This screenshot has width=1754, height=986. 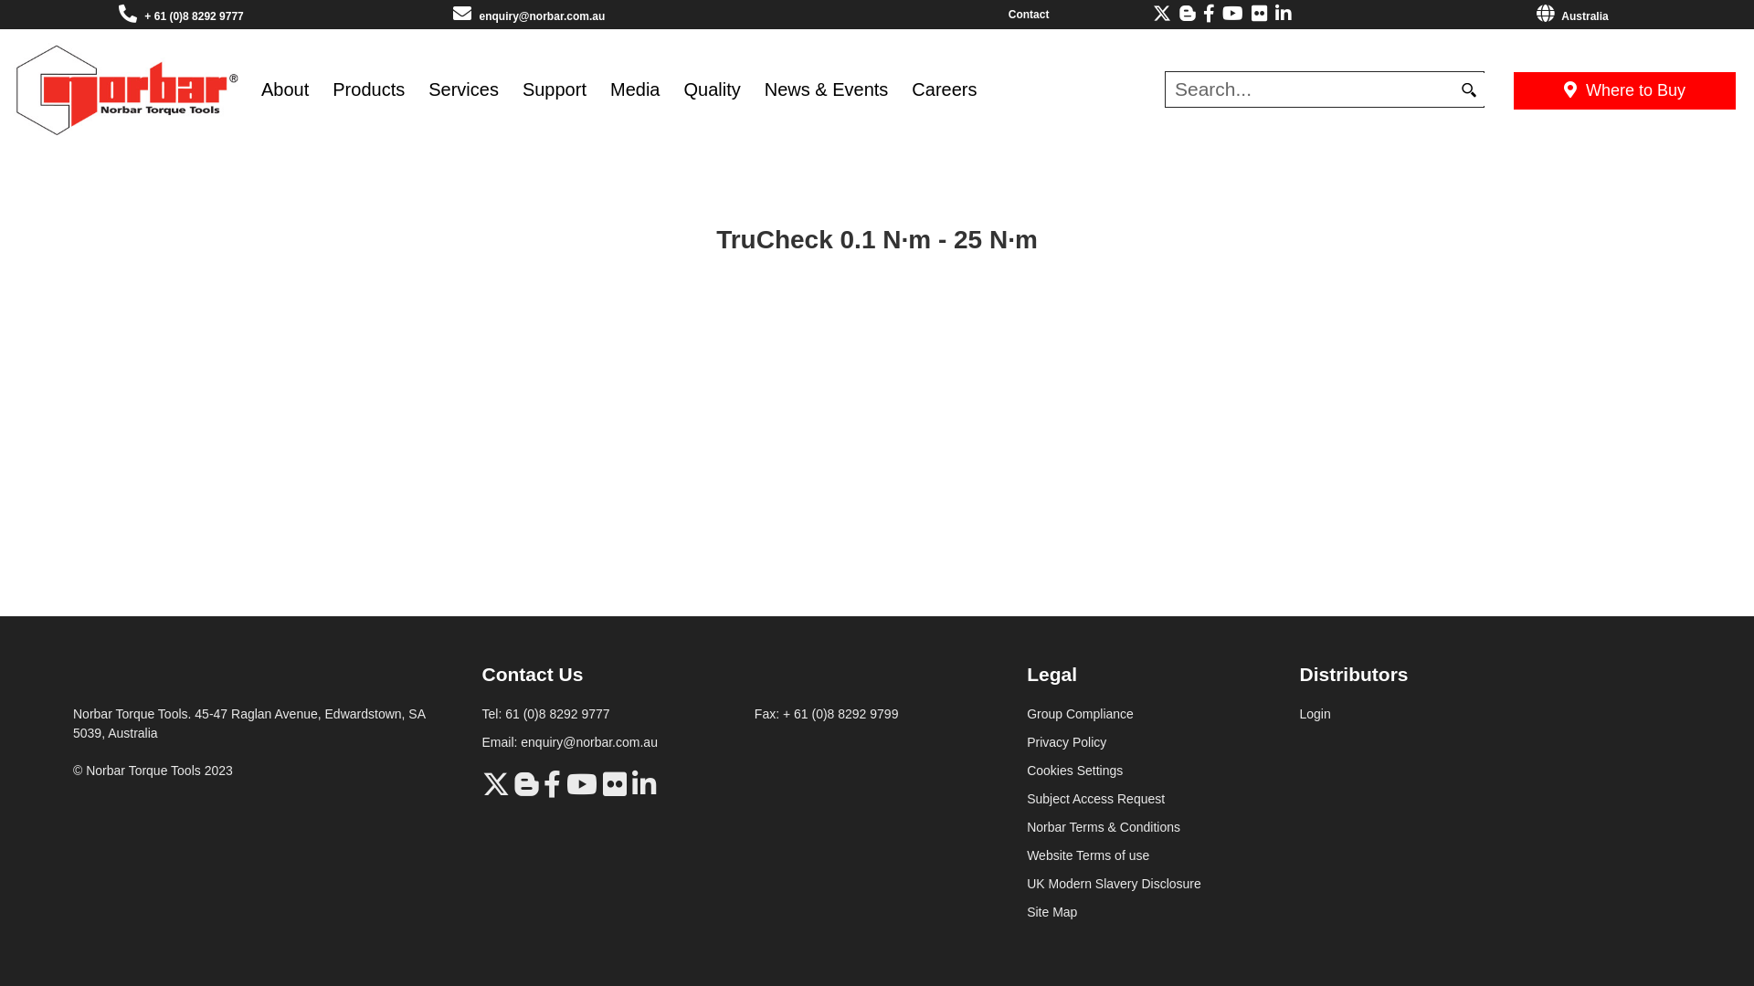 What do you see at coordinates (826, 89) in the screenshot?
I see `'News & Events'` at bounding box center [826, 89].